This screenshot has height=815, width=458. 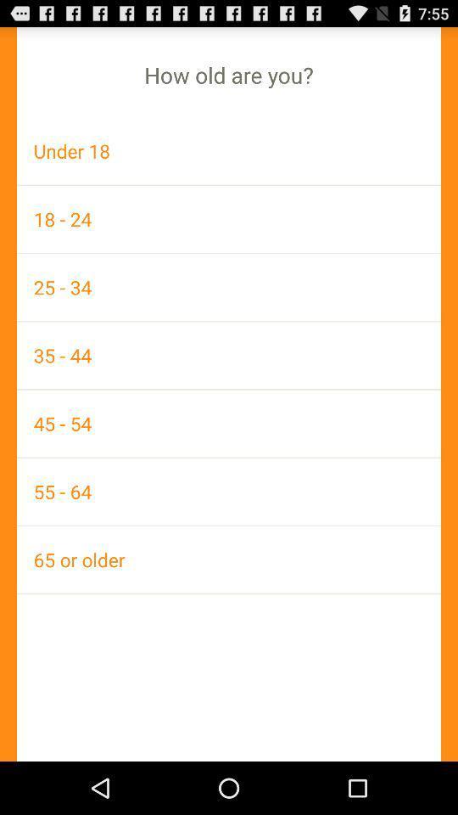 What do you see at coordinates (229, 287) in the screenshot?
I see `the 25 - 34 item` at bounding box center [229, 287].